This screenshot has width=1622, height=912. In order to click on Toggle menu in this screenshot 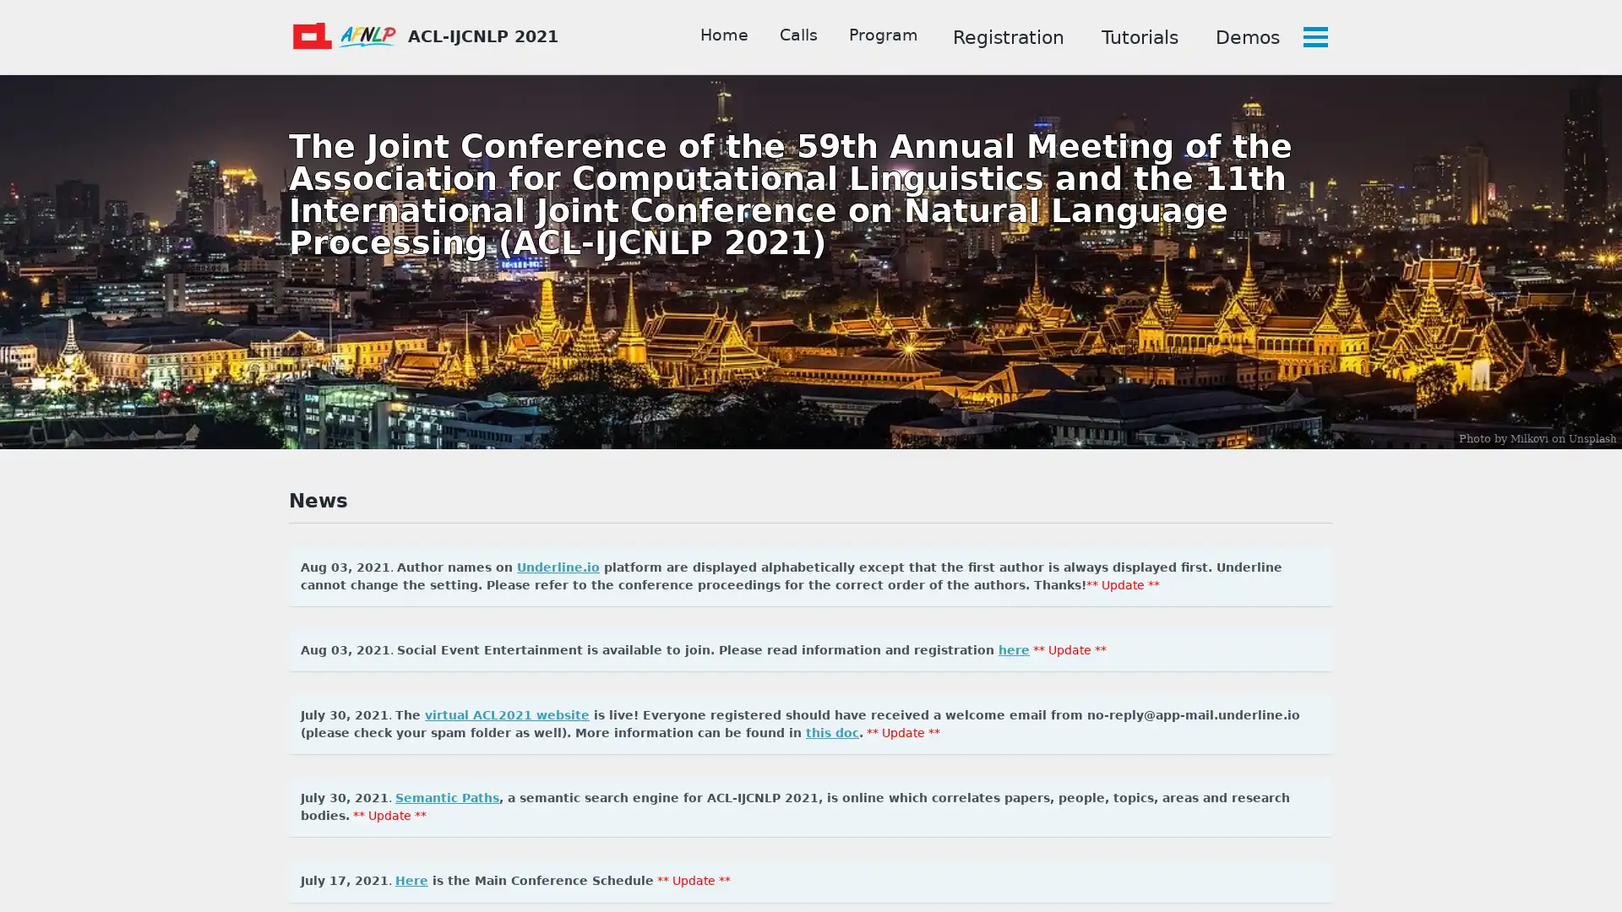, I will do `click(1313, 36)`.